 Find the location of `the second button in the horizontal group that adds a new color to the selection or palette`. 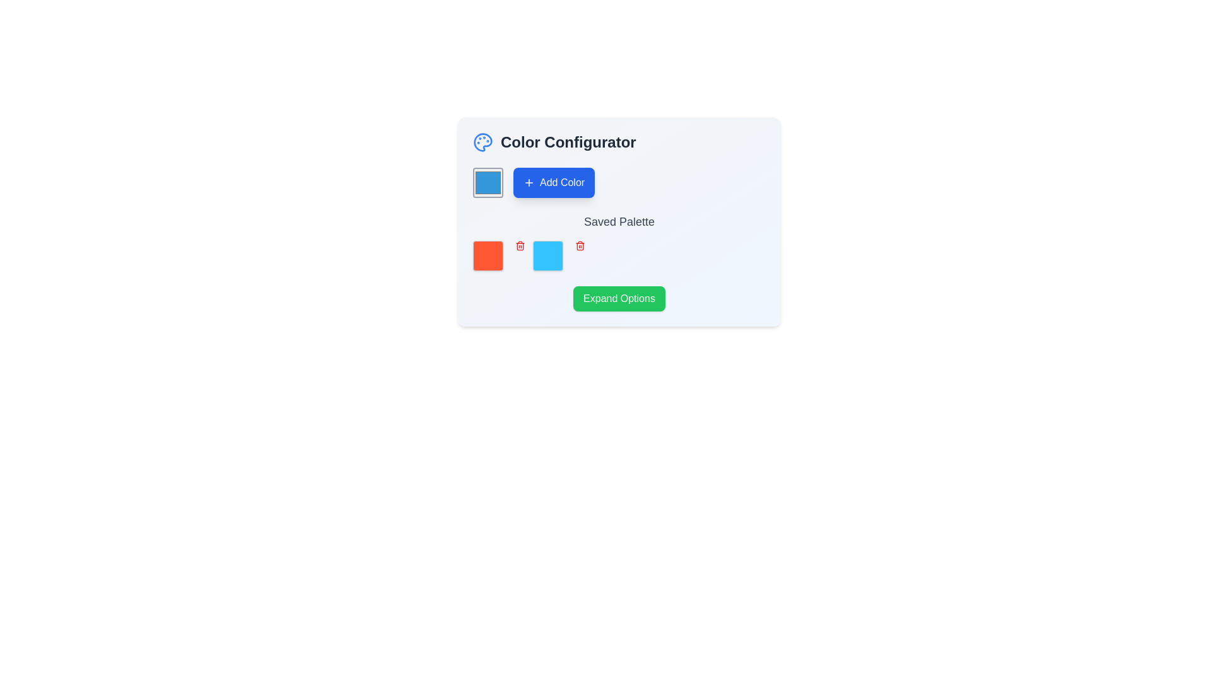

the second button in the horizontal group that adds a new color to the selection or palette is located at coordinates (554, 182).